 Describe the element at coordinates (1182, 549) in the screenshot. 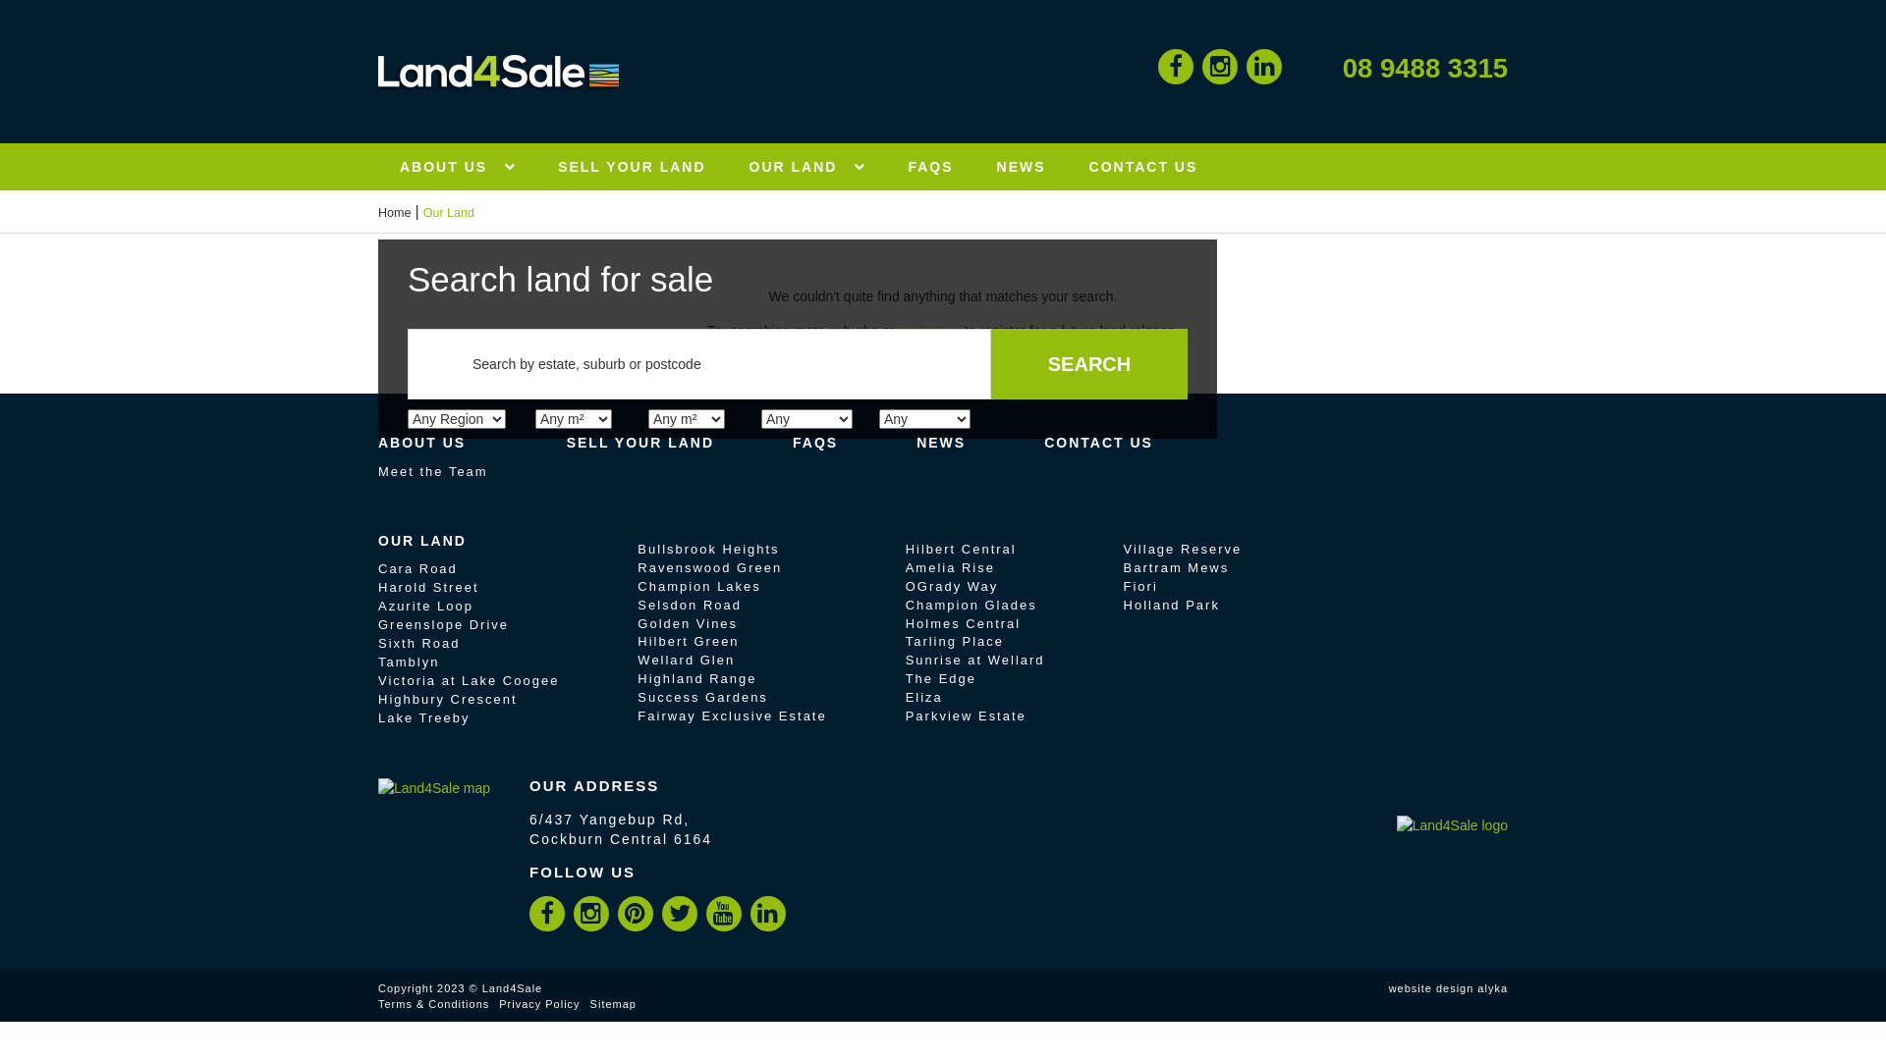

I see `'Village Reserve'` at that location.